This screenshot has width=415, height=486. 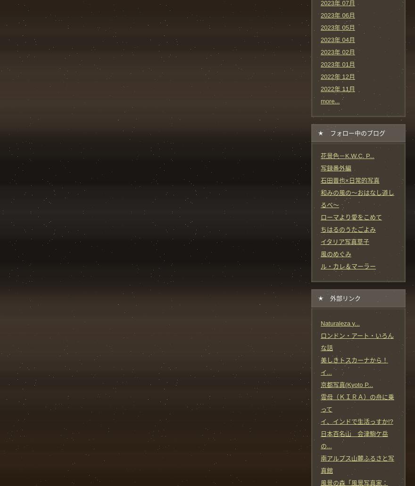 What do you see at coordinates (338, 39) in the screenshot?
I see `'2023年 04月'` at bounding box center [338, 39].